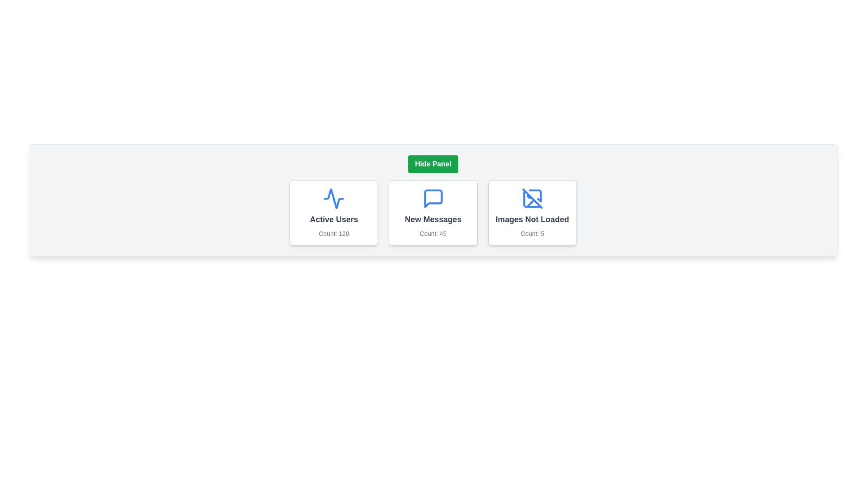 This screenshot has height=478, width=850. What do you see at coordinates (333, 198) in the screenshot?
I see `the decorative vector graphic icon in the 'Active Users' card, which is part of an SVG structure` at bounding box center [333, 198].